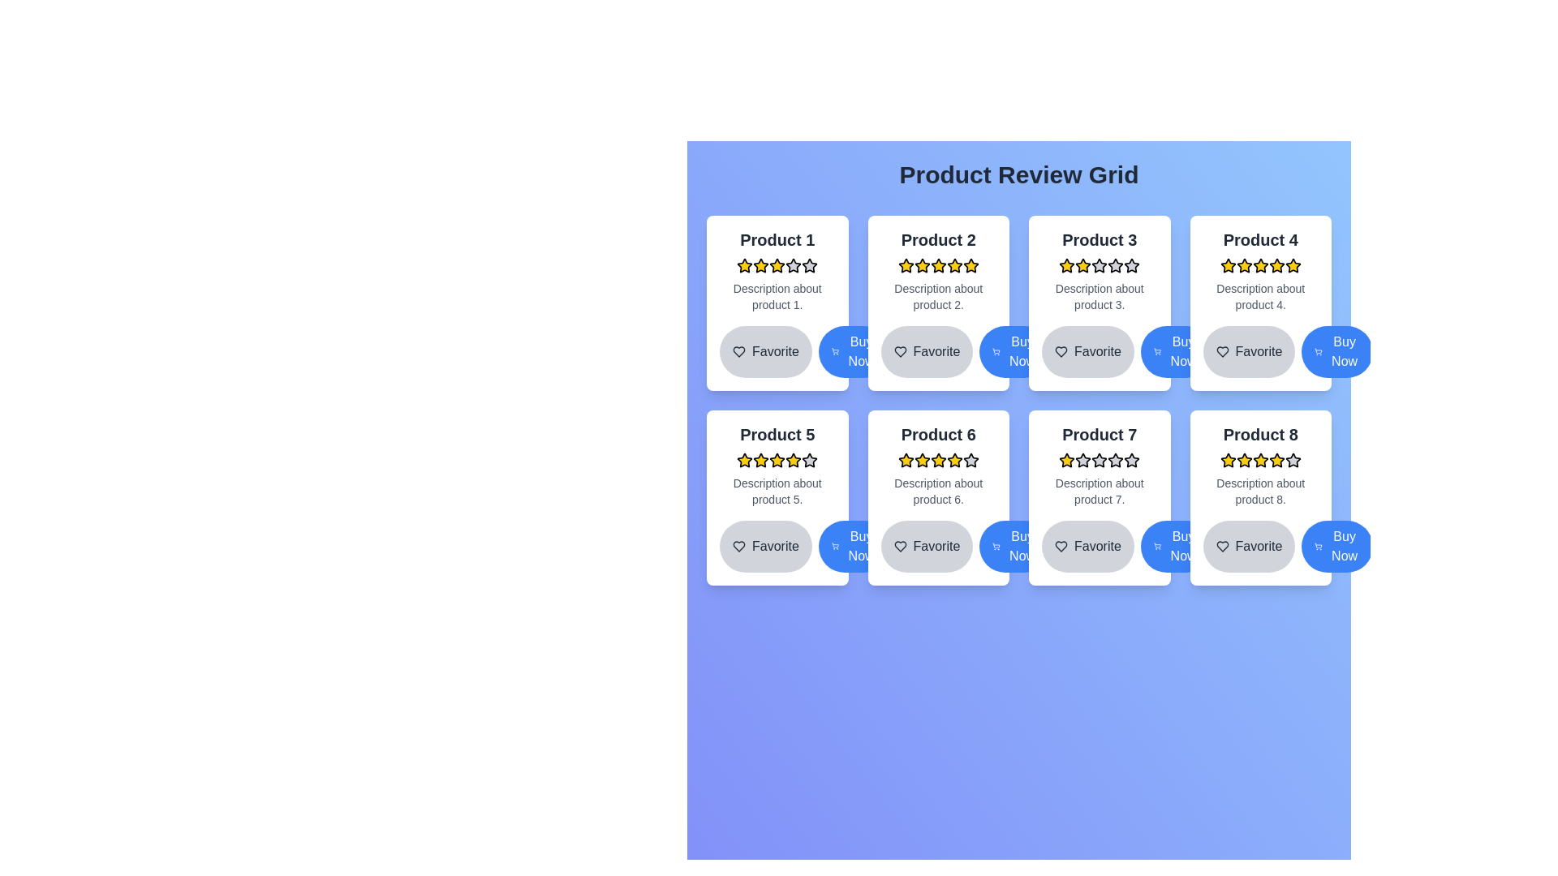  I want to click on the second filled yellow star icon in the rating system for 'Product 5' to give a rating, so click(777, 460).